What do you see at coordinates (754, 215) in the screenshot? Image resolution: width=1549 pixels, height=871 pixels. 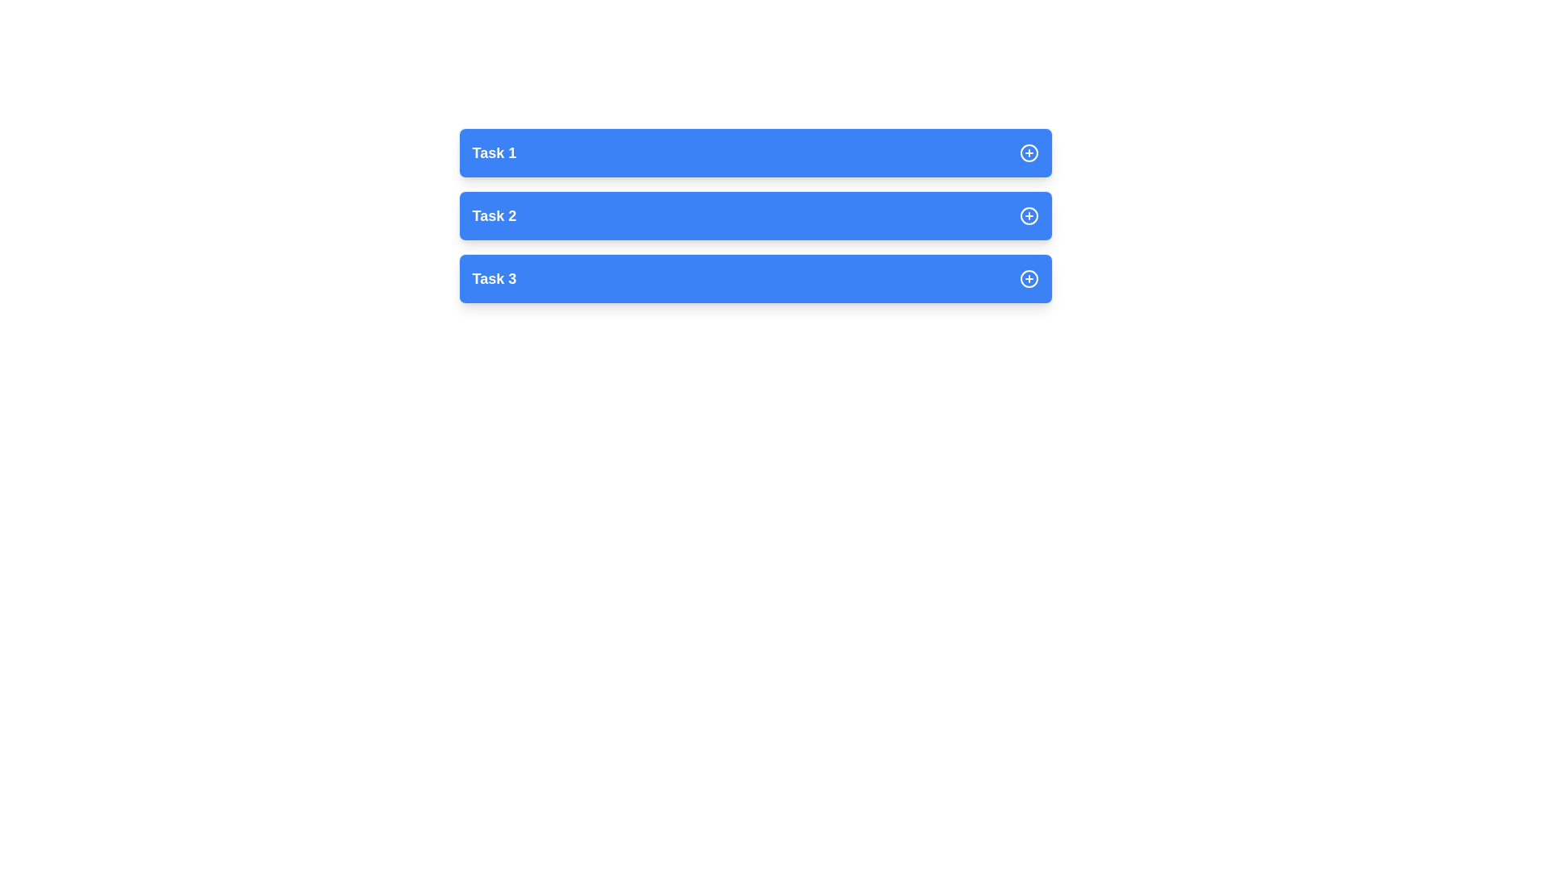 I see `the 'Task 2' list item` at bounding box center [754, 215].